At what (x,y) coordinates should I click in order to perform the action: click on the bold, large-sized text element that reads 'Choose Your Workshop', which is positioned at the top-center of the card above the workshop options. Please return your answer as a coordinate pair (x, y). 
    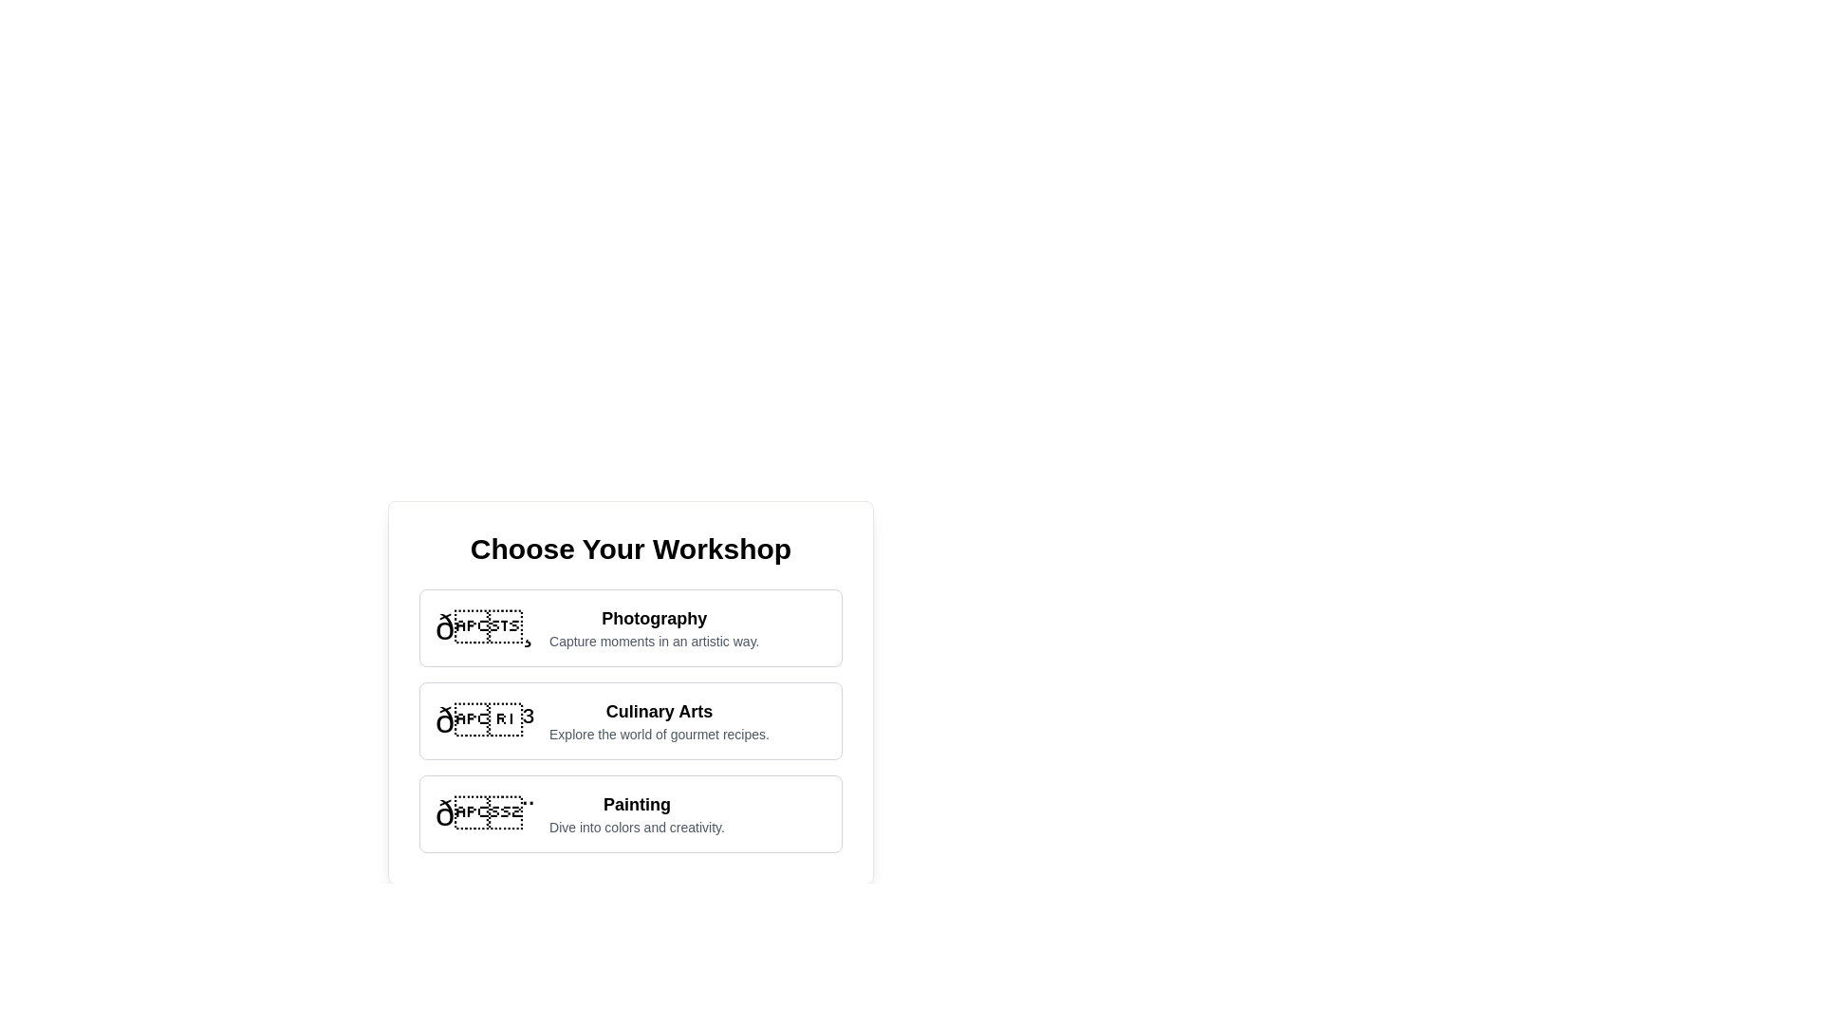
    Looking at the image, I should click on (631, 549).